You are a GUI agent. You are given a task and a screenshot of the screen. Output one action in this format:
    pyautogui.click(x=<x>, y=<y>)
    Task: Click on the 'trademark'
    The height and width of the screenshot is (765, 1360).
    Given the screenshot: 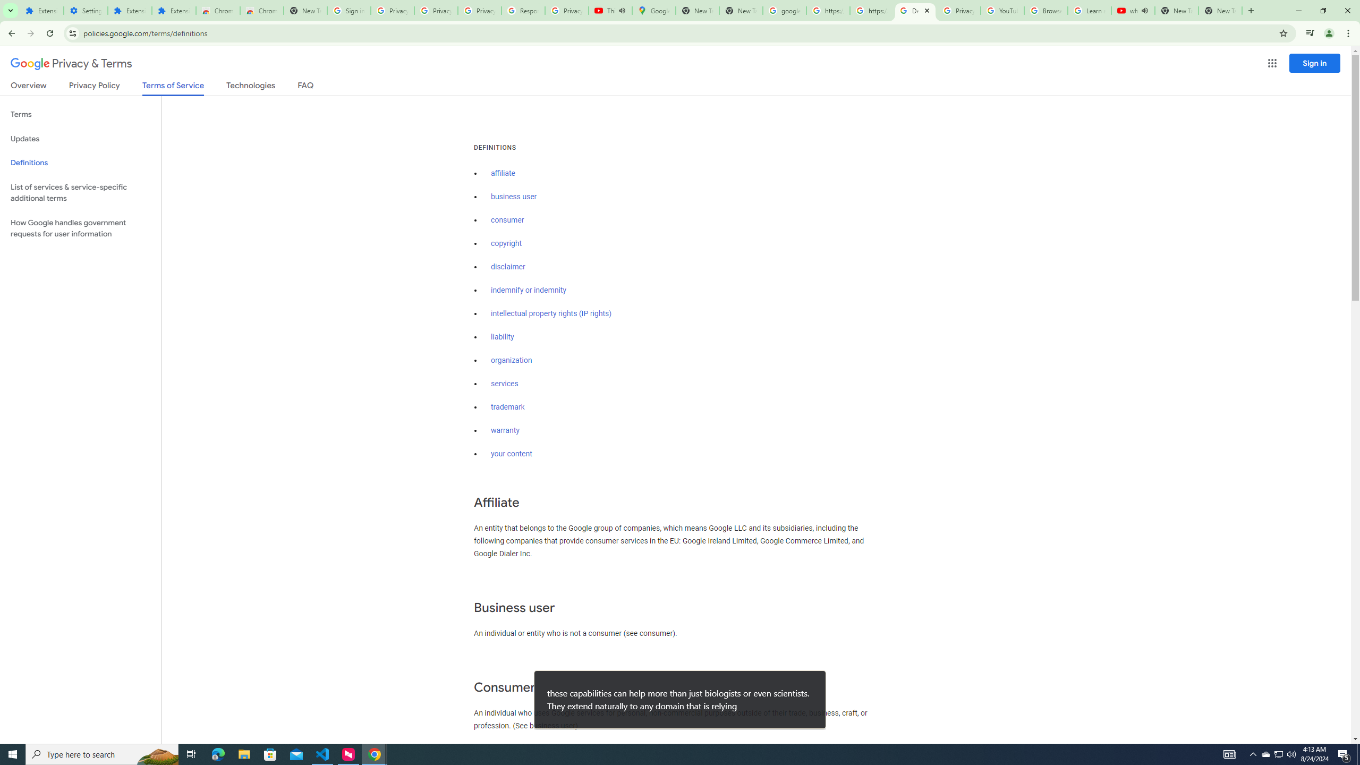 What is the action you would take?
    pyautogui.click(x=507, y=406)
    